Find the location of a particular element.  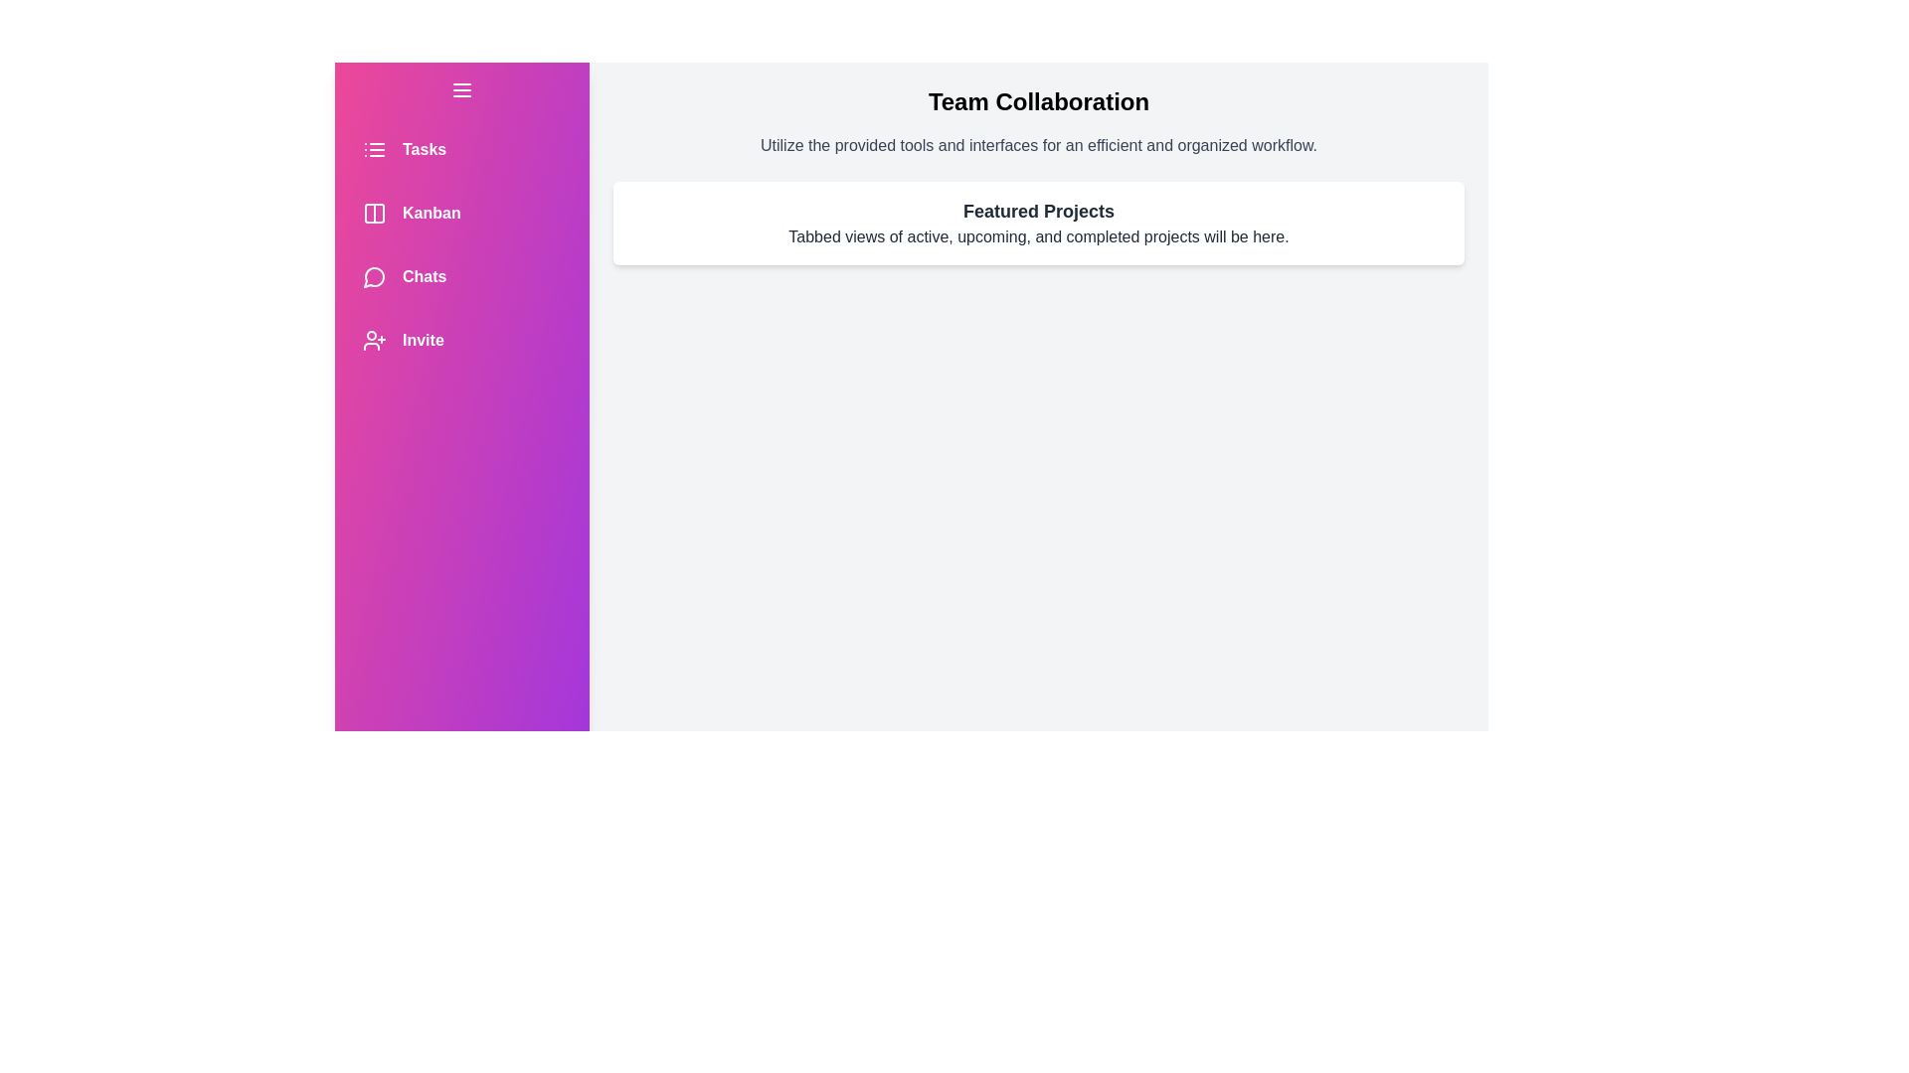

the 'Featured Projects' section to interact with it is located at coordinates (1038, 223).